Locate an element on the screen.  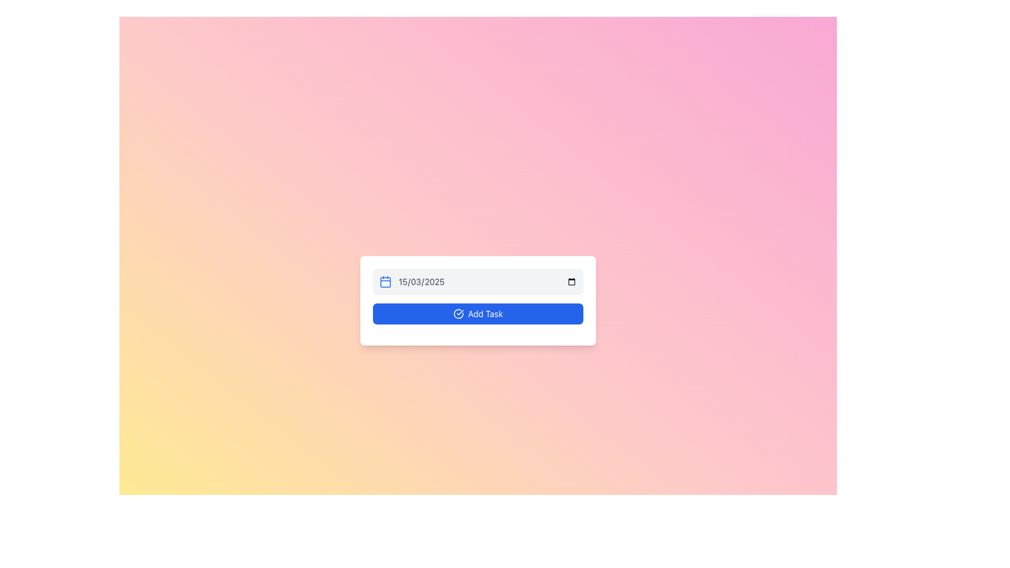
the calendar icon, which is styled with a blue outline and located to the left of the date selection field is located at coordinates (385, 281).